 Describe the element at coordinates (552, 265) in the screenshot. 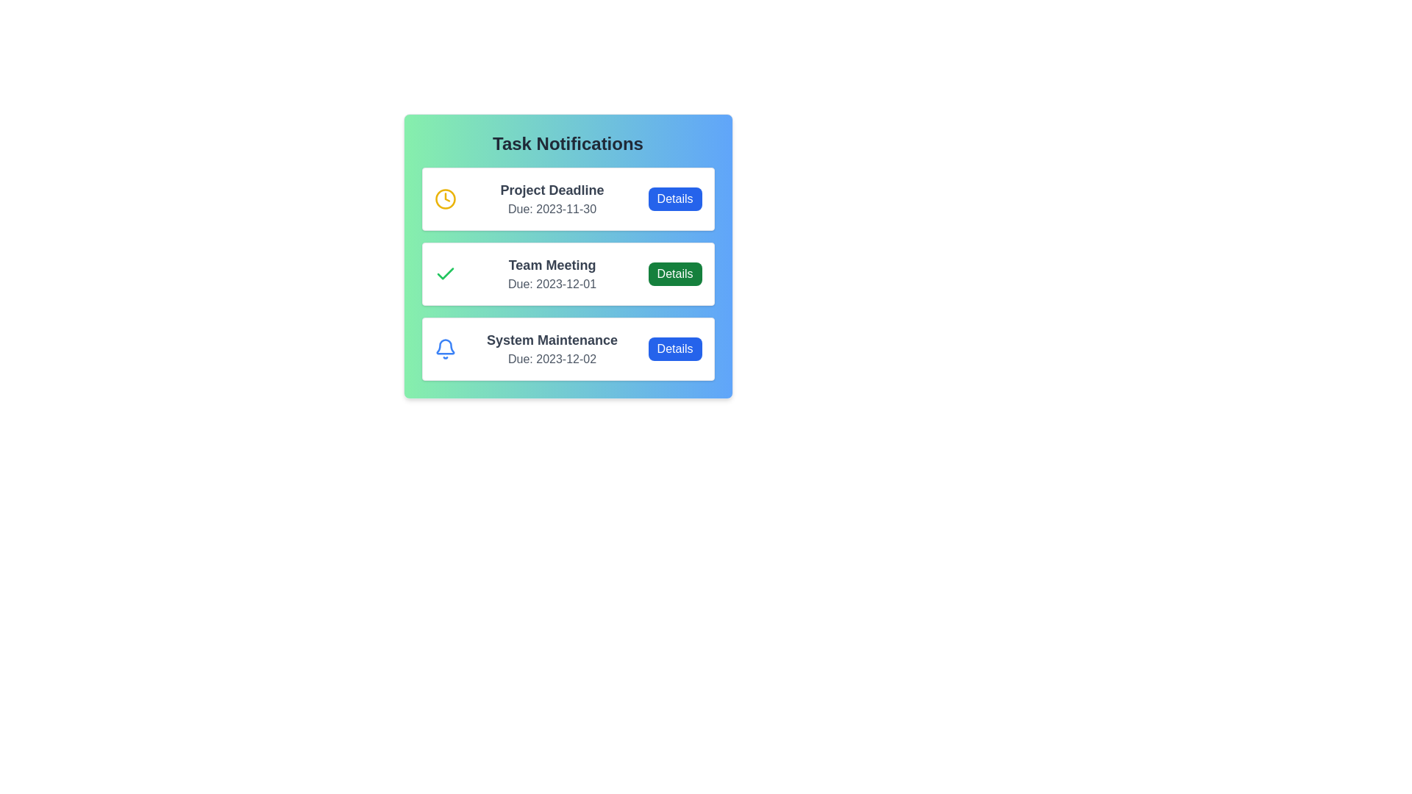

I see `the task title Team Meeting to select it` at that location.